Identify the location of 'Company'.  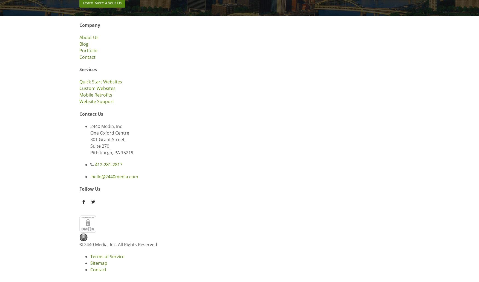
(90, 25).